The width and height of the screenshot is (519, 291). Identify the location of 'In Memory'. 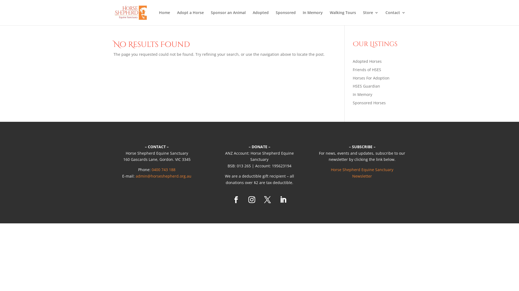
(362, 94).